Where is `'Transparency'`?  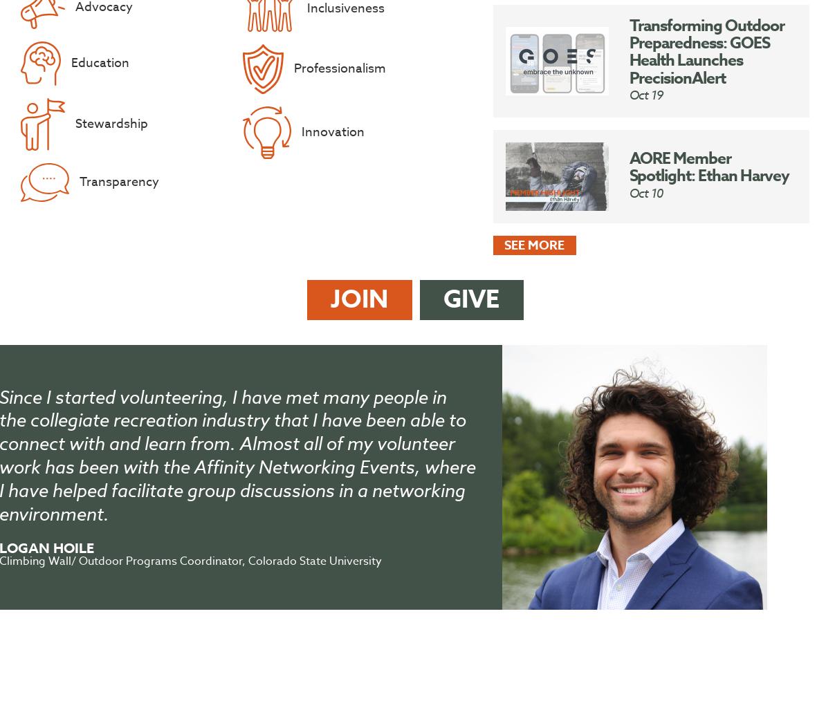 'Transparency' is located at coordinates (118, 182).